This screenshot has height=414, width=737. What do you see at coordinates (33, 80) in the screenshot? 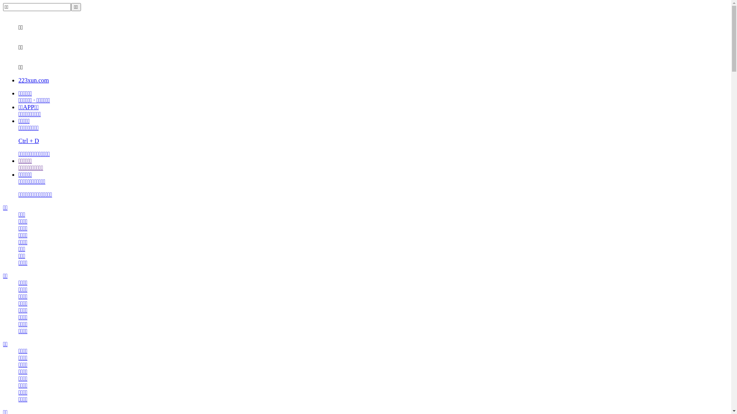
I see `'223xun.com'` at bounding box center [33, 80].